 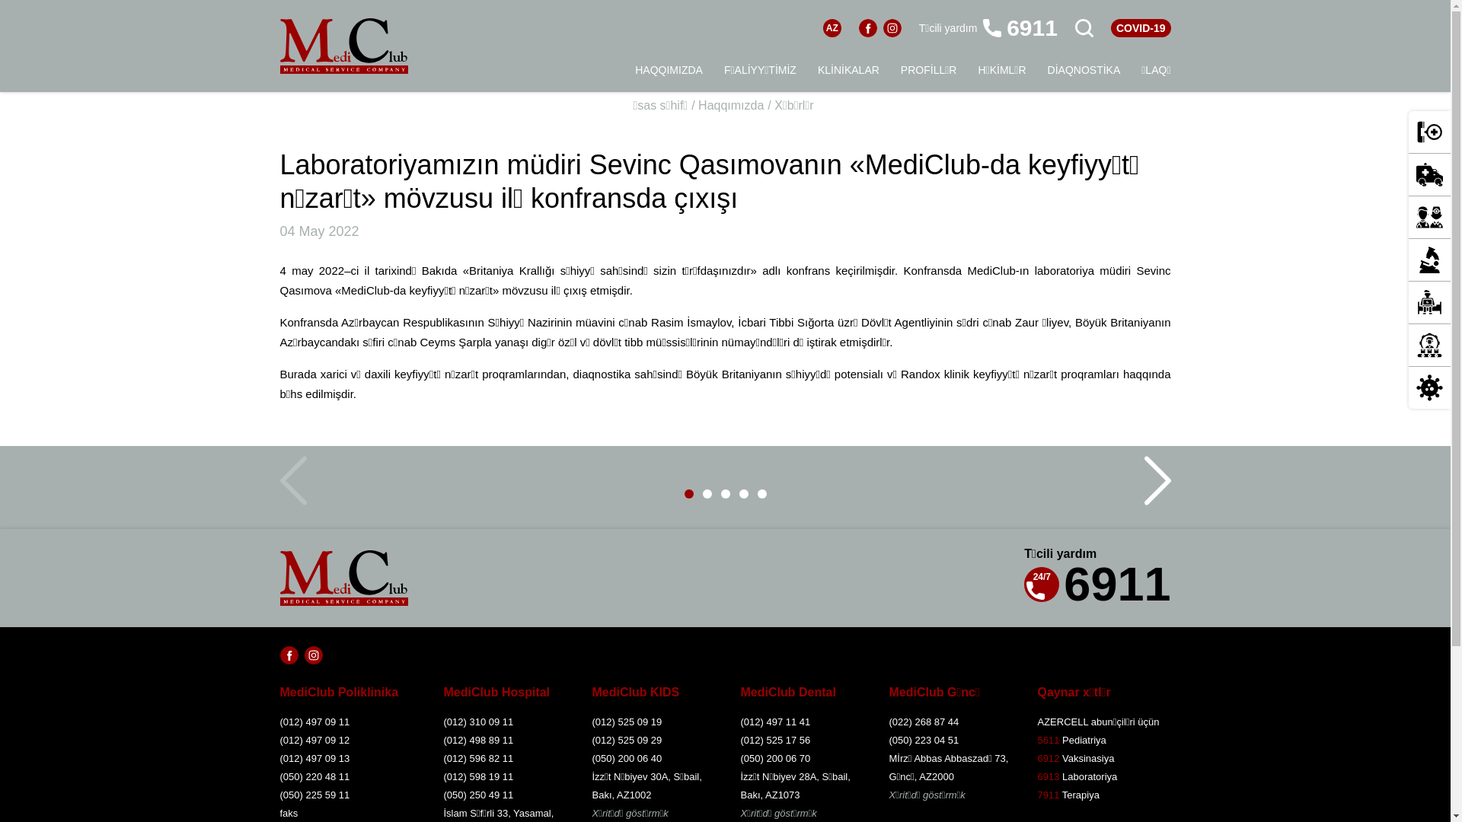 I want to click on 'KLINIKALAR', so click(x=848, y=70).